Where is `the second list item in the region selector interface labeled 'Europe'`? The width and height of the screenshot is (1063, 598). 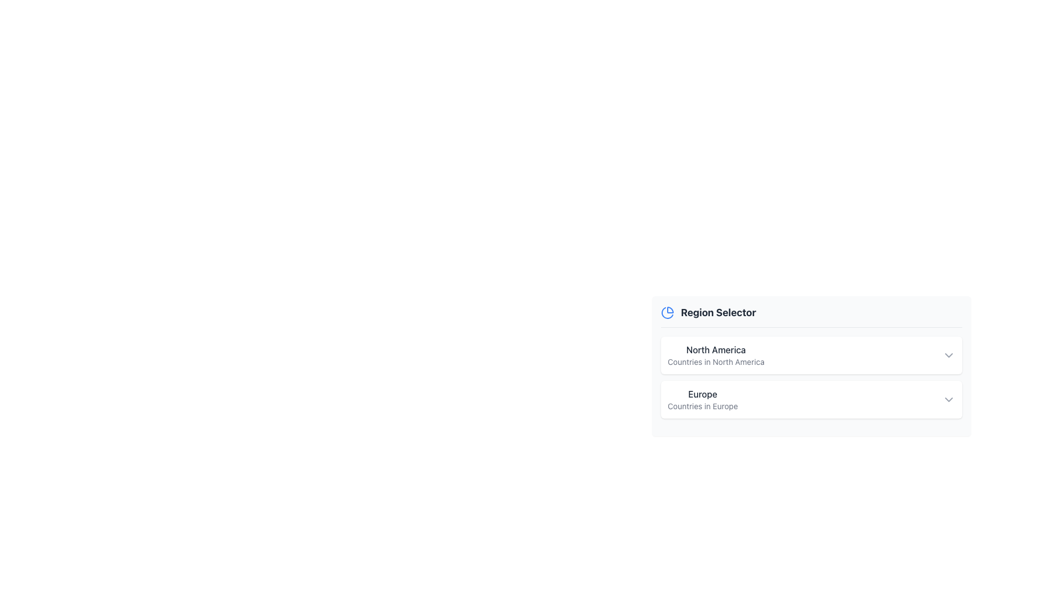 the second list item in the region selector interface labeled 'Europe' is located at coordinates (811, 399).